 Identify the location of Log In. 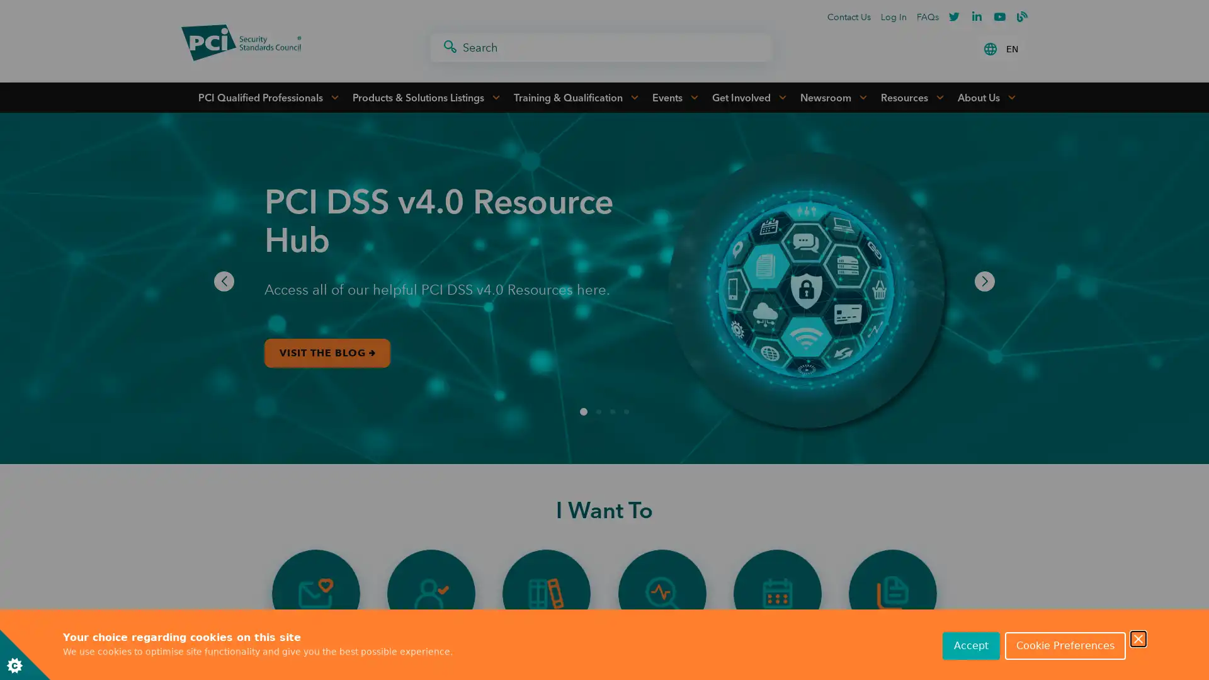
(893, 17).